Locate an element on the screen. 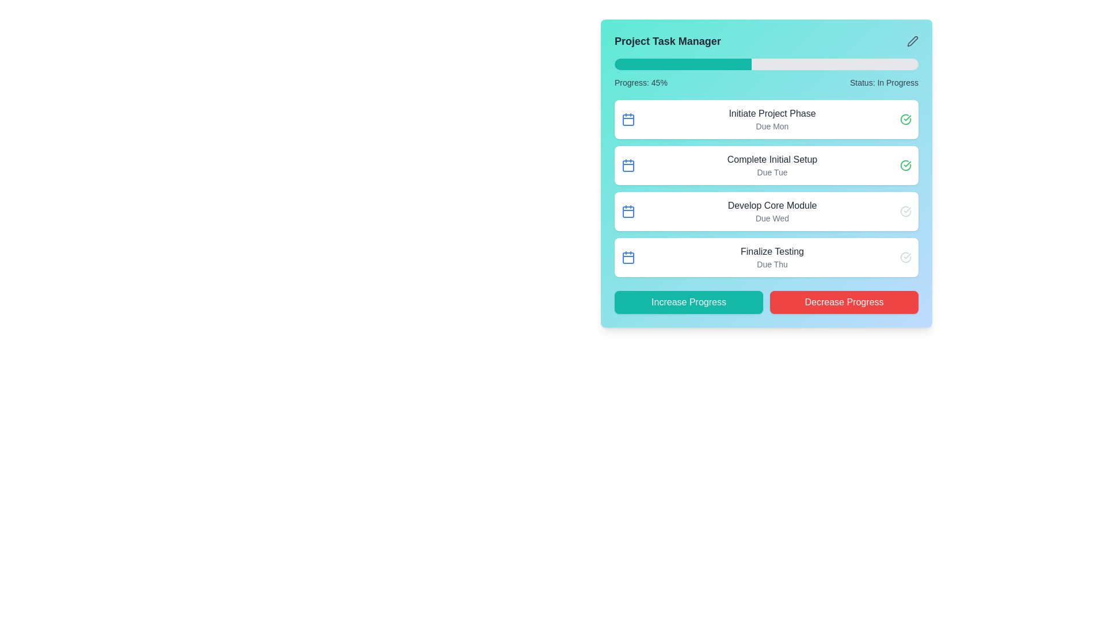 This screenshot has height=621, width=1105. text of the label that identifies the third task in the task management interface, located immediately above the 'Due Wed' text is located at coordinates (772, 205).